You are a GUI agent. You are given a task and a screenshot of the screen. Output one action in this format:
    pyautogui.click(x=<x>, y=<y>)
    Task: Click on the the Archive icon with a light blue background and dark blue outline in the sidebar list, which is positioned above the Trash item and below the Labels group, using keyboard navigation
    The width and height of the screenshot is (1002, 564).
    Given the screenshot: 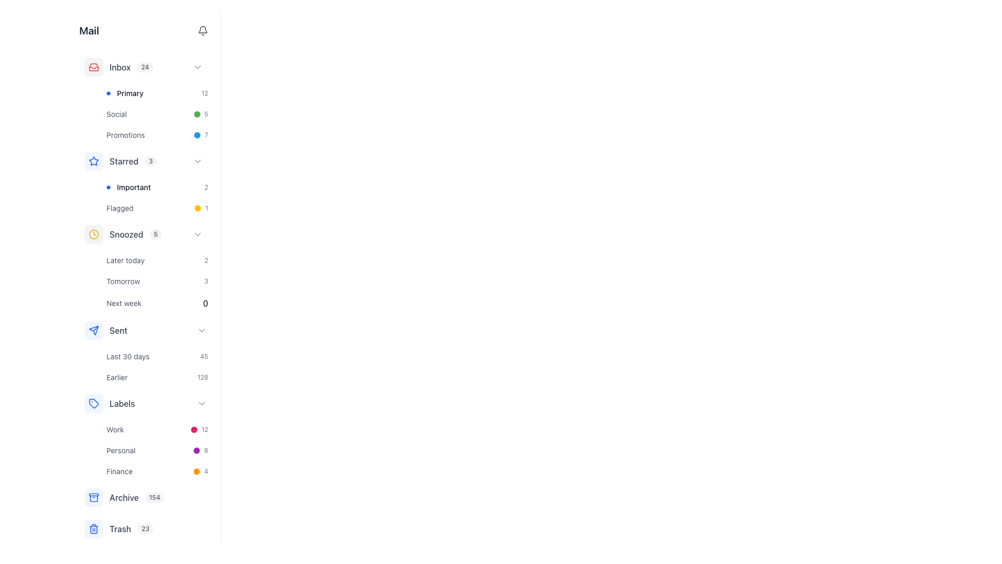 What is the action you would take?
    pyautogui.click(x=94, y=497)
    